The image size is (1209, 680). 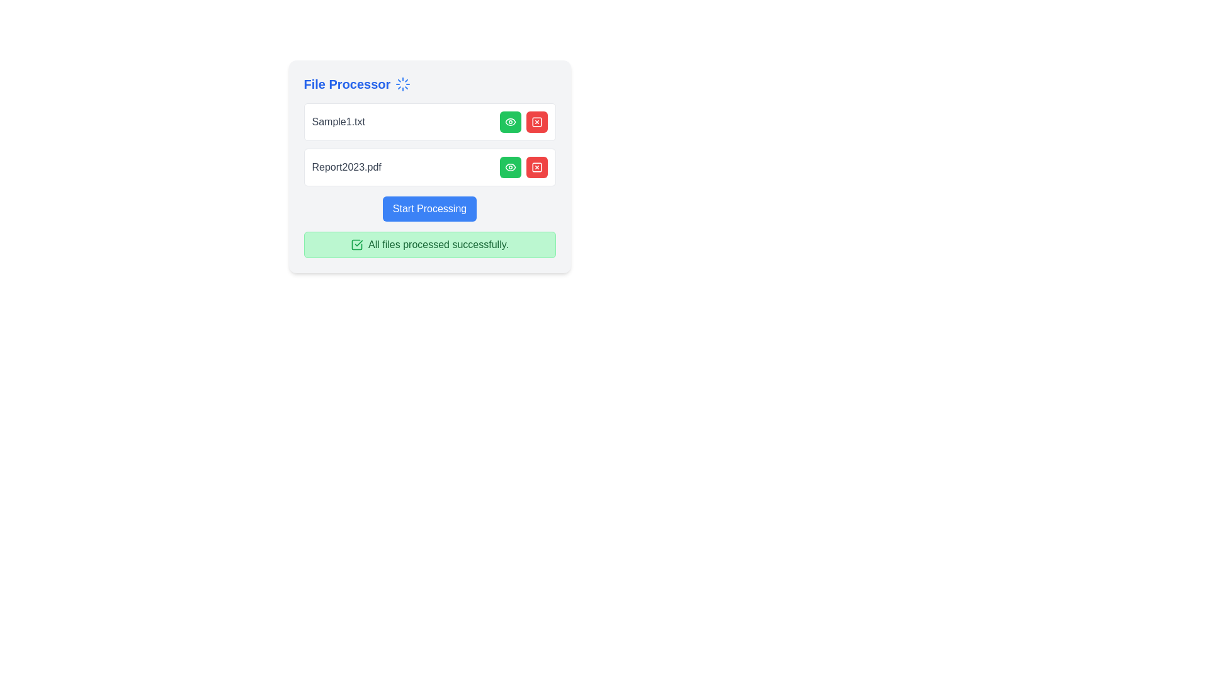 I want to click on the compact, rounded red button with white text located to the right of a green button, so click(x=536, y=122).